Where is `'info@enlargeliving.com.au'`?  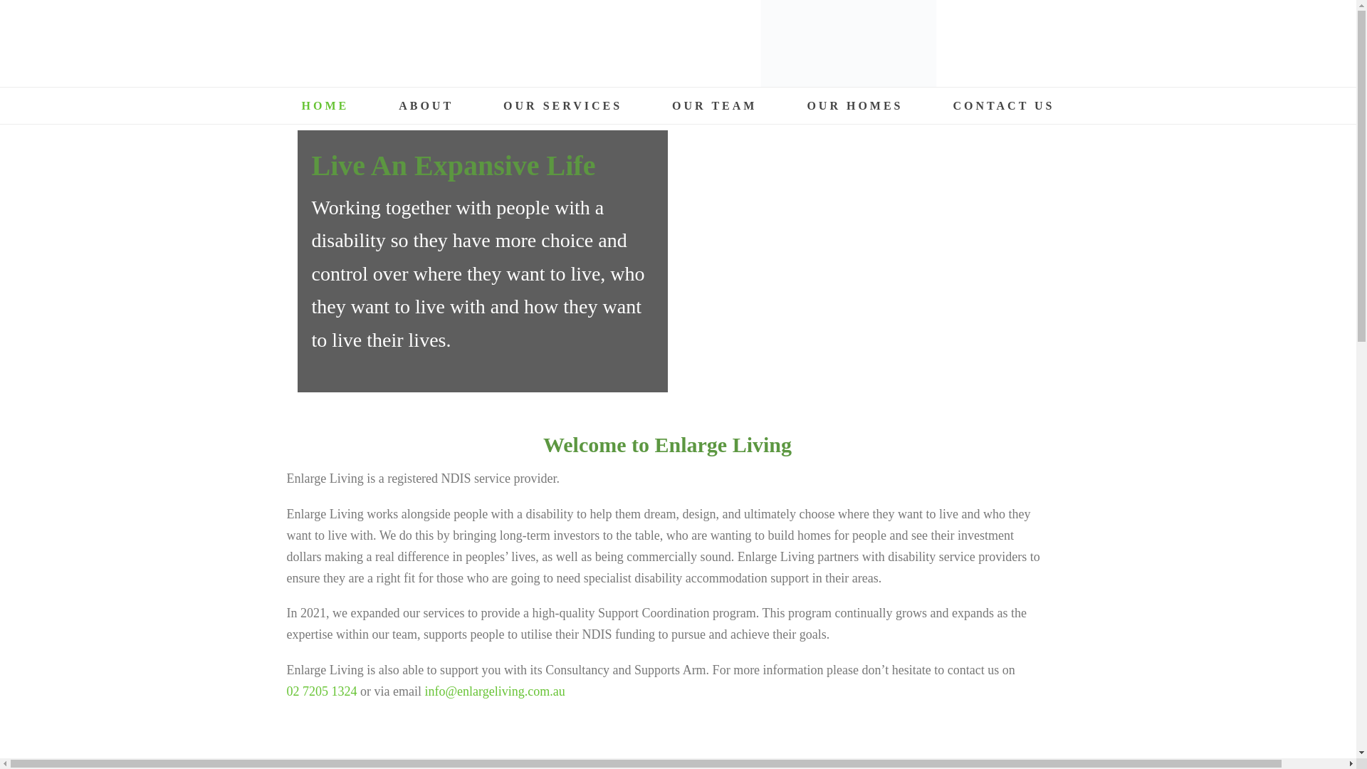
'info@enlargeliving.com.au' is located at coordinates (494, 691).